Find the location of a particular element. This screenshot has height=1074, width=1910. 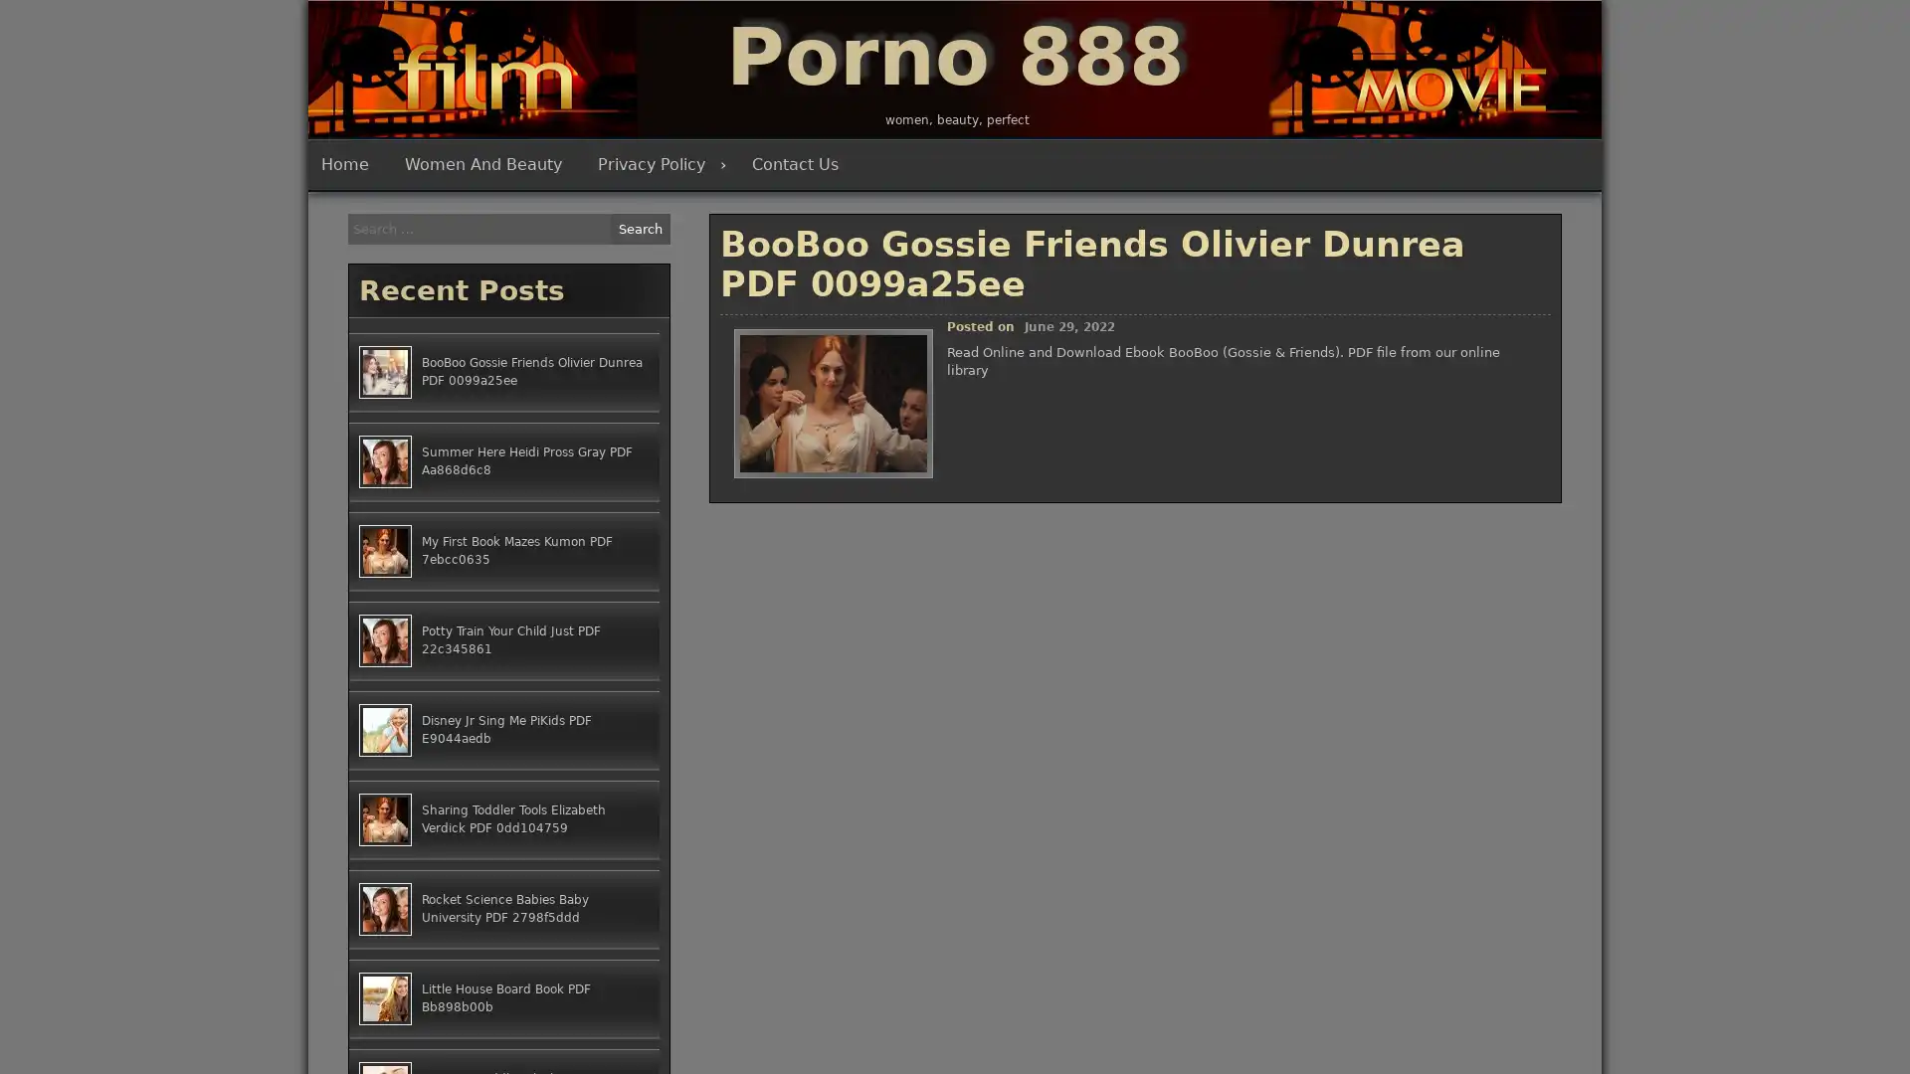

Search is located at coordinates (640, 228).